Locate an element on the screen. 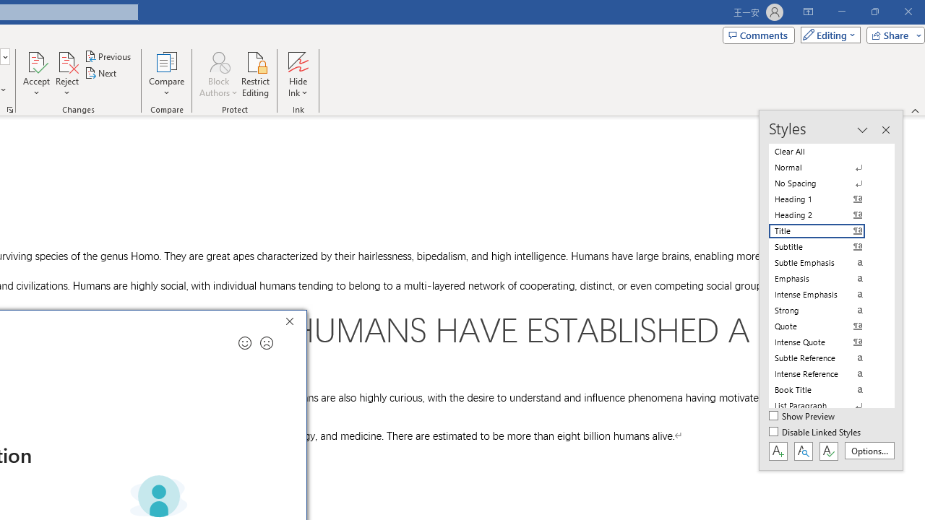  'Intense Quote' is located at coordinates (825, 342).